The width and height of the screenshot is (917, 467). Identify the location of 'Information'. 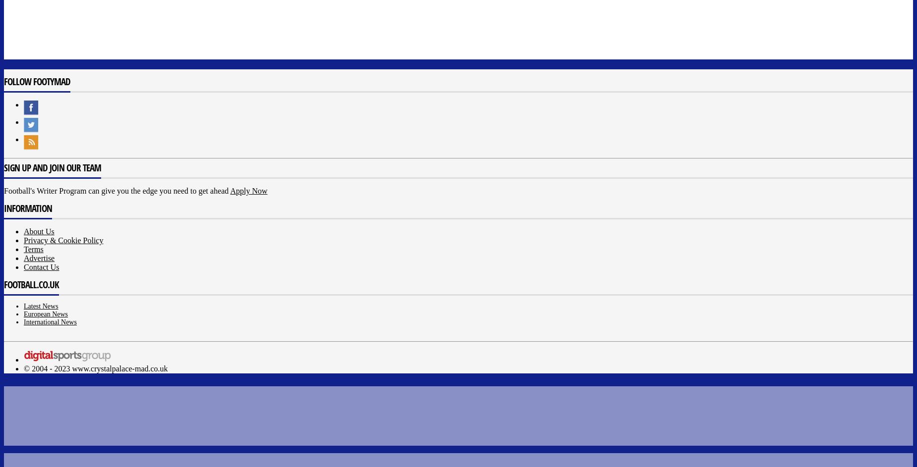
(27, 208).